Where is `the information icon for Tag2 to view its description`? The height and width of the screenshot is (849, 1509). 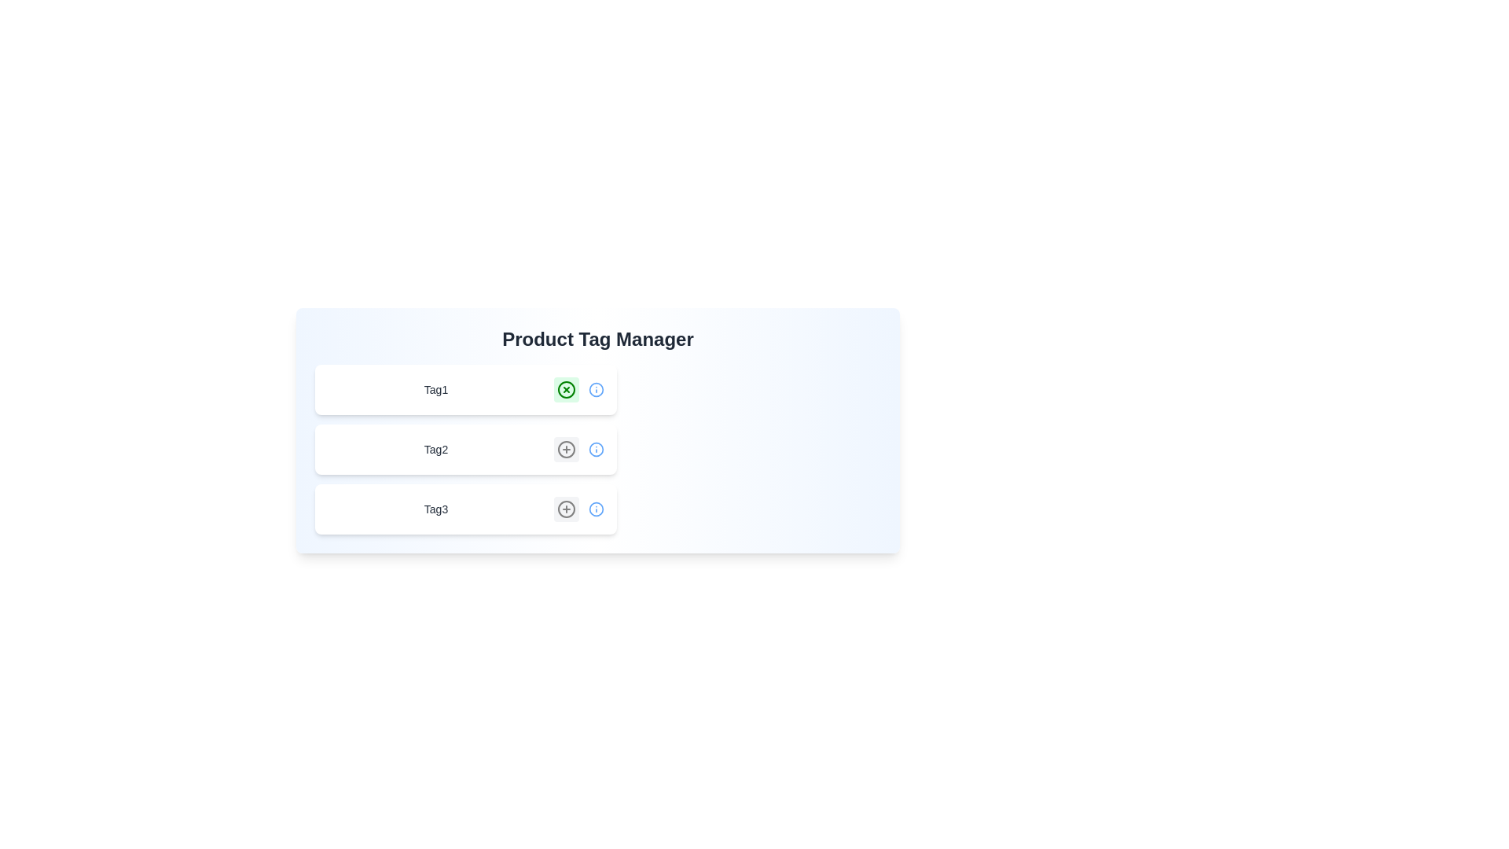 the information icon for Tag2 to view its description is located at coordinates (595, 449).